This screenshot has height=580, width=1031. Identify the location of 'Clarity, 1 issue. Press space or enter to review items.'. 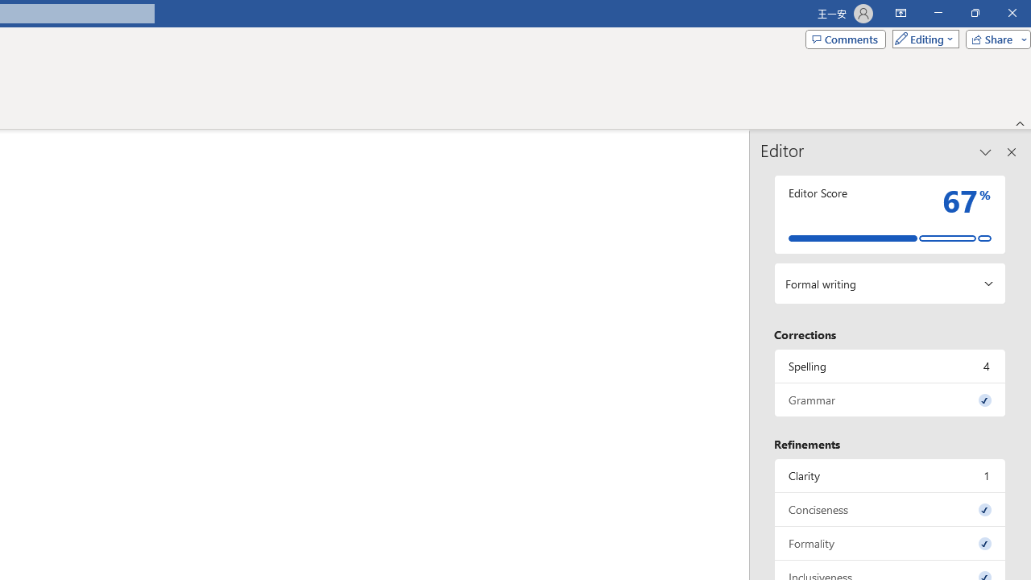
(889, 474).